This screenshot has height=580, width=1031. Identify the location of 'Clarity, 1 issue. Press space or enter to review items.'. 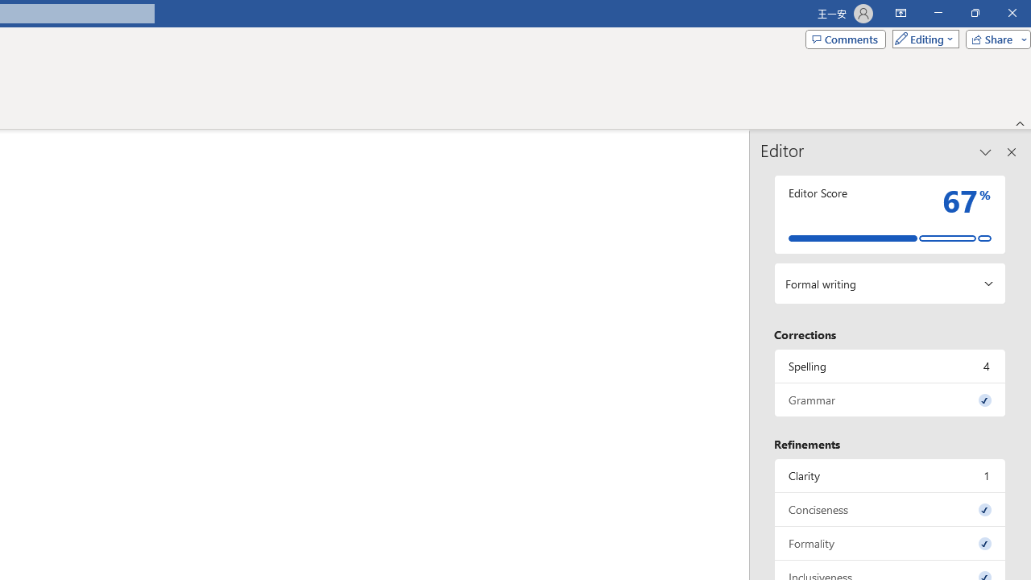
(889, 474).